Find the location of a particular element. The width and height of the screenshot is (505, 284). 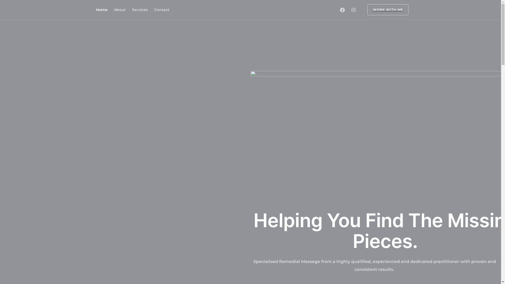

'Services' is located at coordinates (140, 10).